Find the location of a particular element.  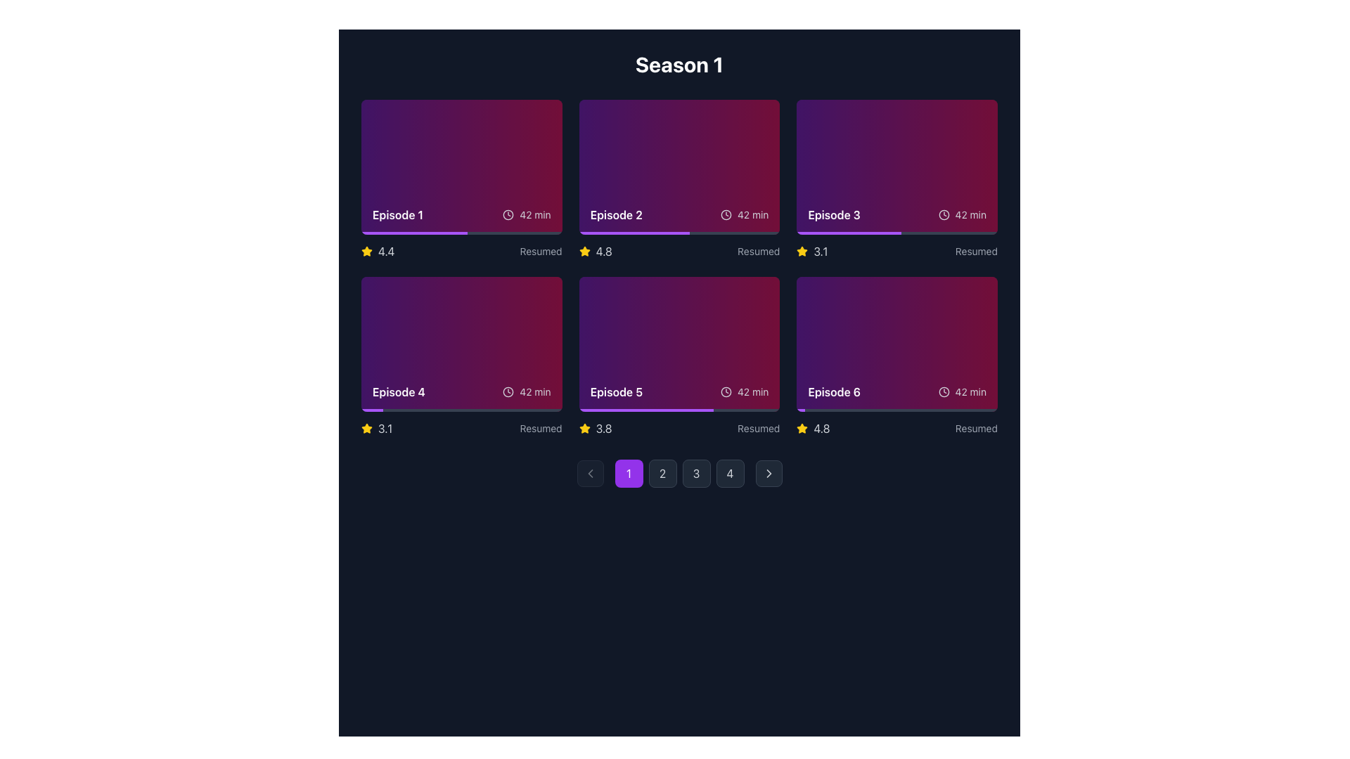

the progress bar located at the bottom of the second content block in the top row, beneath the 'Episode 2' text, which serves as a progress indicator for the episode is located at coordinates (679, 232).